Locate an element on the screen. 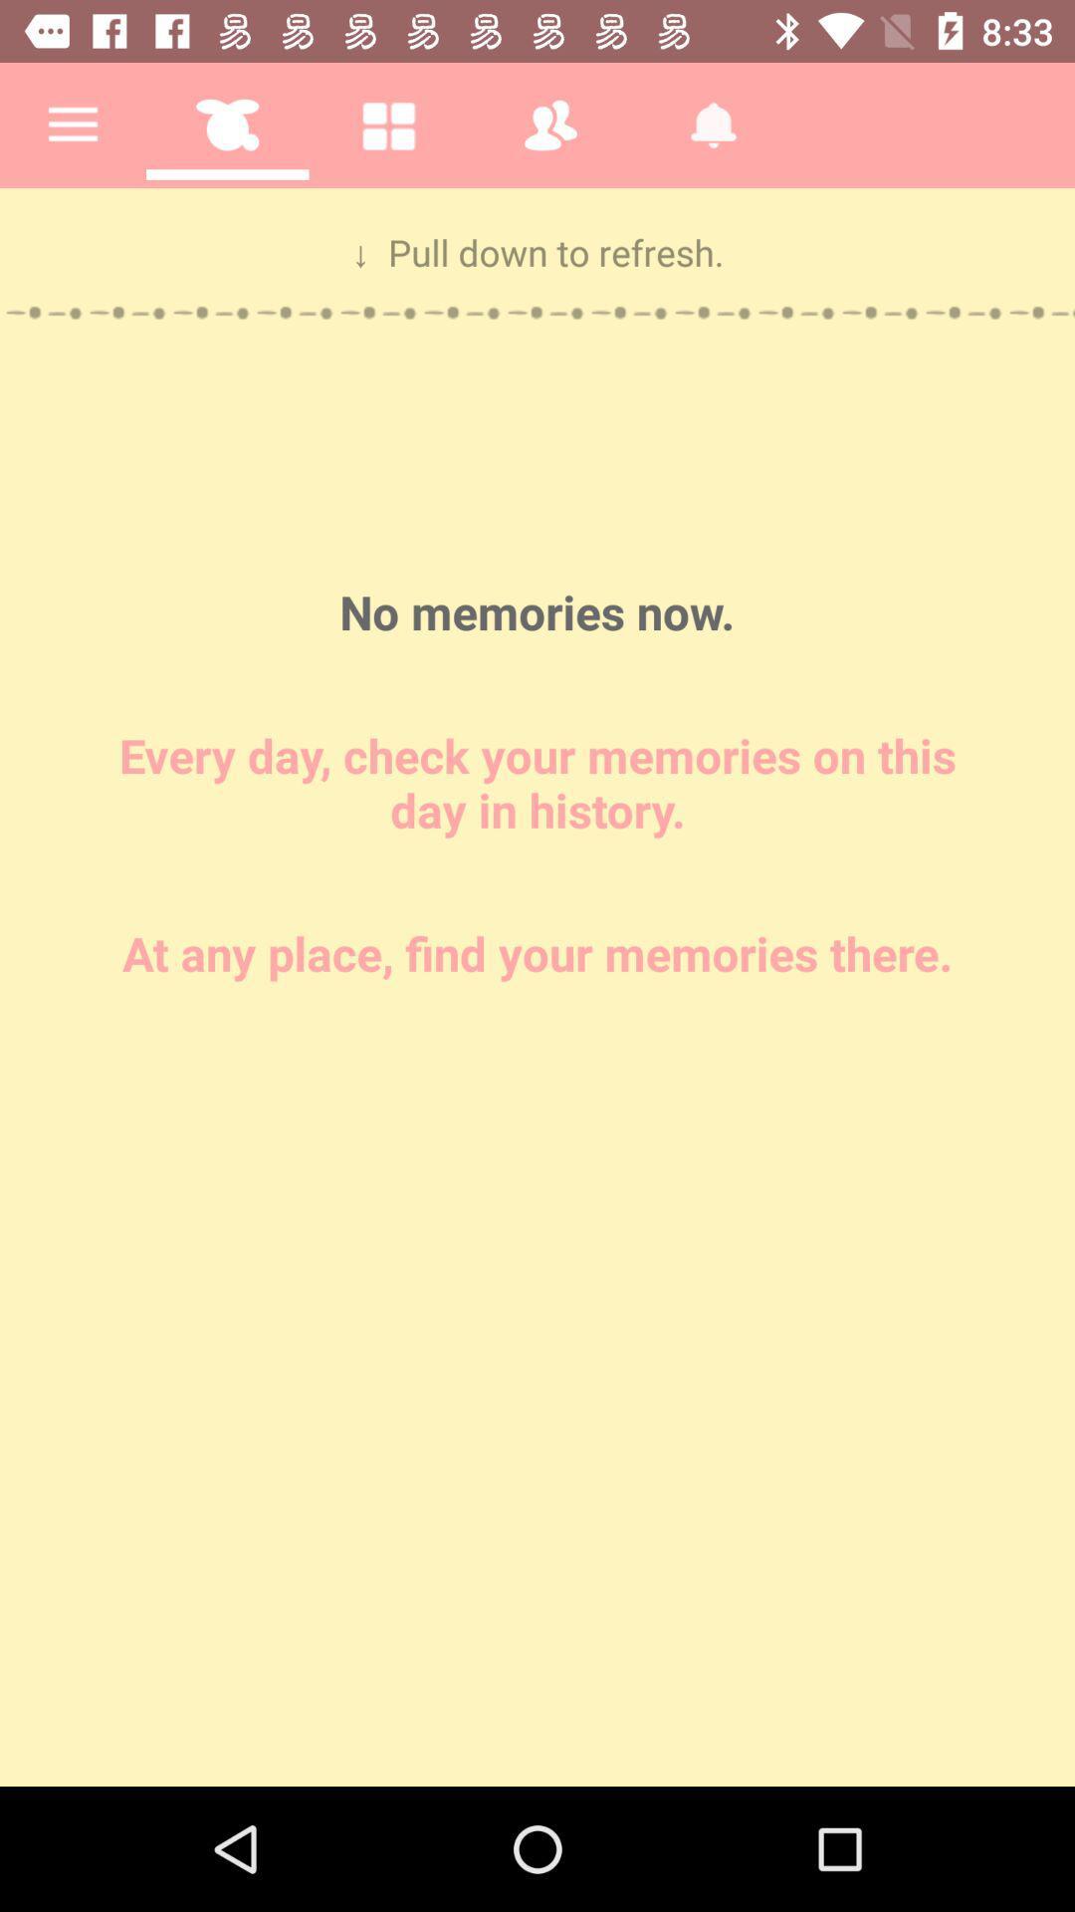 This screenshot has width=1075, height=1912. the third icon on the first row is located at coordinates (388, 123).